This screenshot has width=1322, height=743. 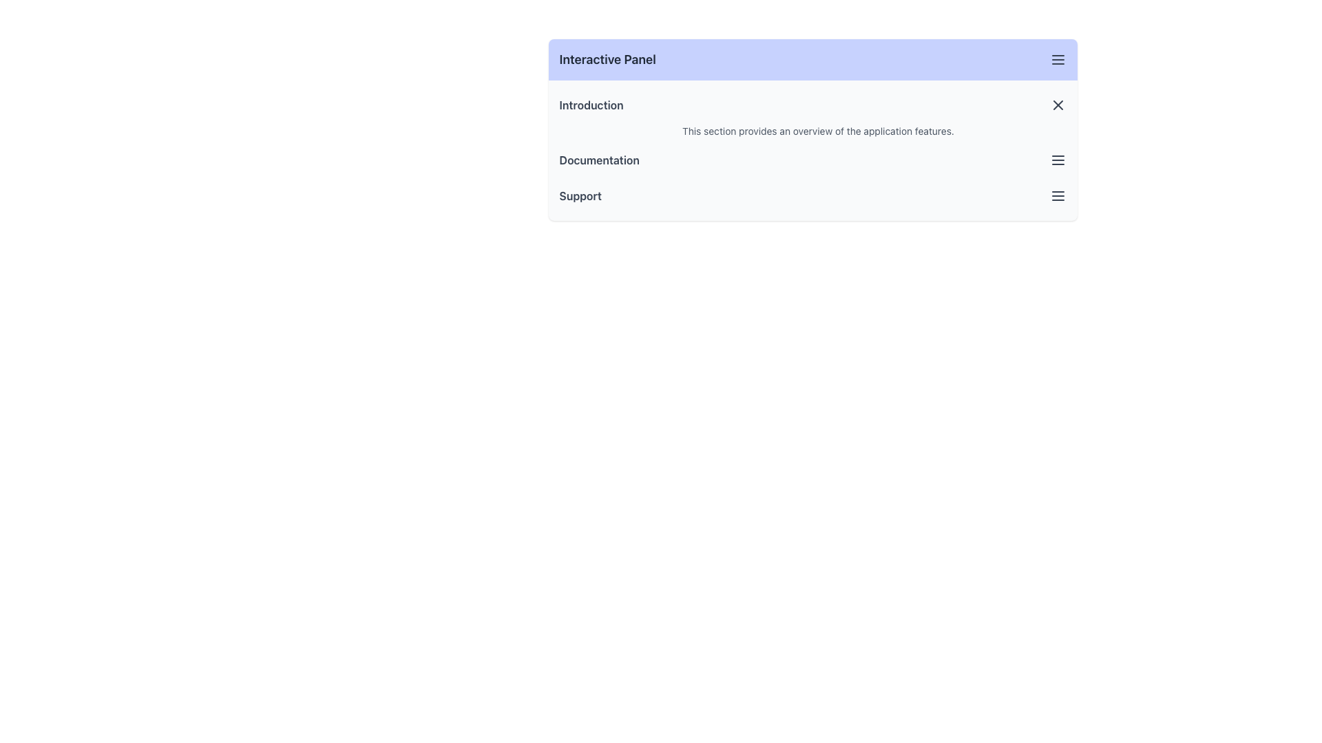 What do you see at coordinates (1057, 105) in the screenshot?
I see `the close (x) icon styled as an SVG graphic located in the top-right corner of the 'Interactive Panel' header` at bounding box center [1057, 105].